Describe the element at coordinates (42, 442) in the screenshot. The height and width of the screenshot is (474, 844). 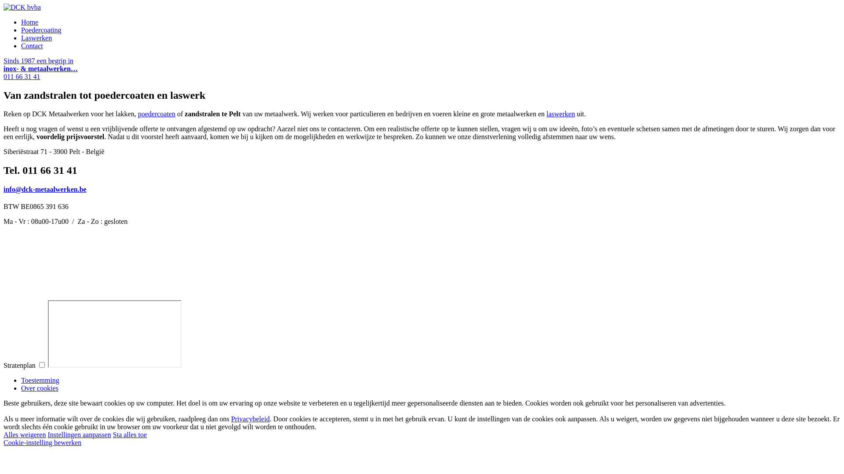
I see `'Cookie-instelling bewerken'` at that location.